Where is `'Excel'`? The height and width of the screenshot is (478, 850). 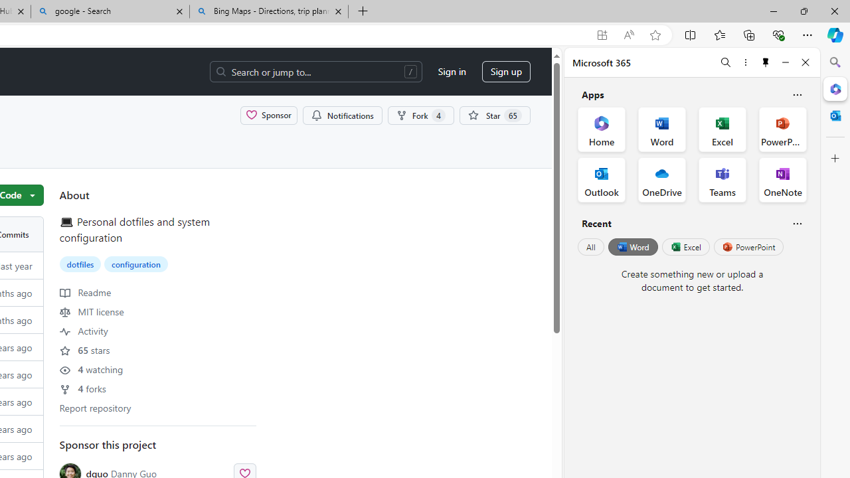
'Excel' is located at coordinates (685, 247).